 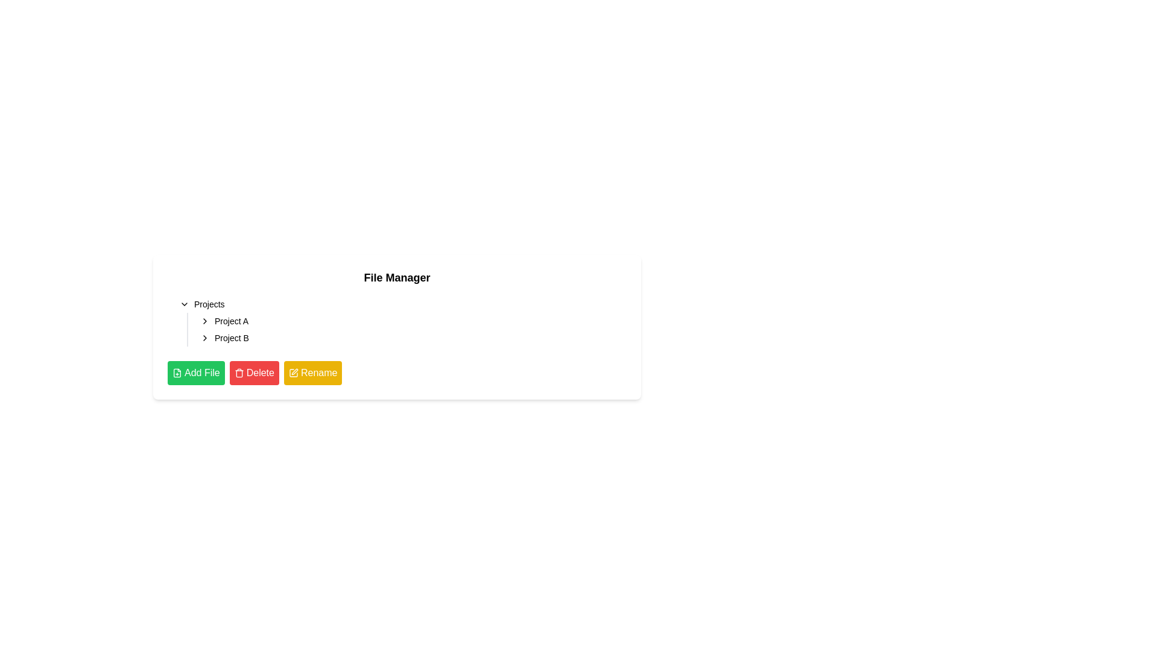 What do you see at coordinates (313, 372) in the screenshot?
I see `the 'Rename' button with a yellow background and rounded corners located at the bottom center of the 'File Manager' section` at bounding box center [313, 372].